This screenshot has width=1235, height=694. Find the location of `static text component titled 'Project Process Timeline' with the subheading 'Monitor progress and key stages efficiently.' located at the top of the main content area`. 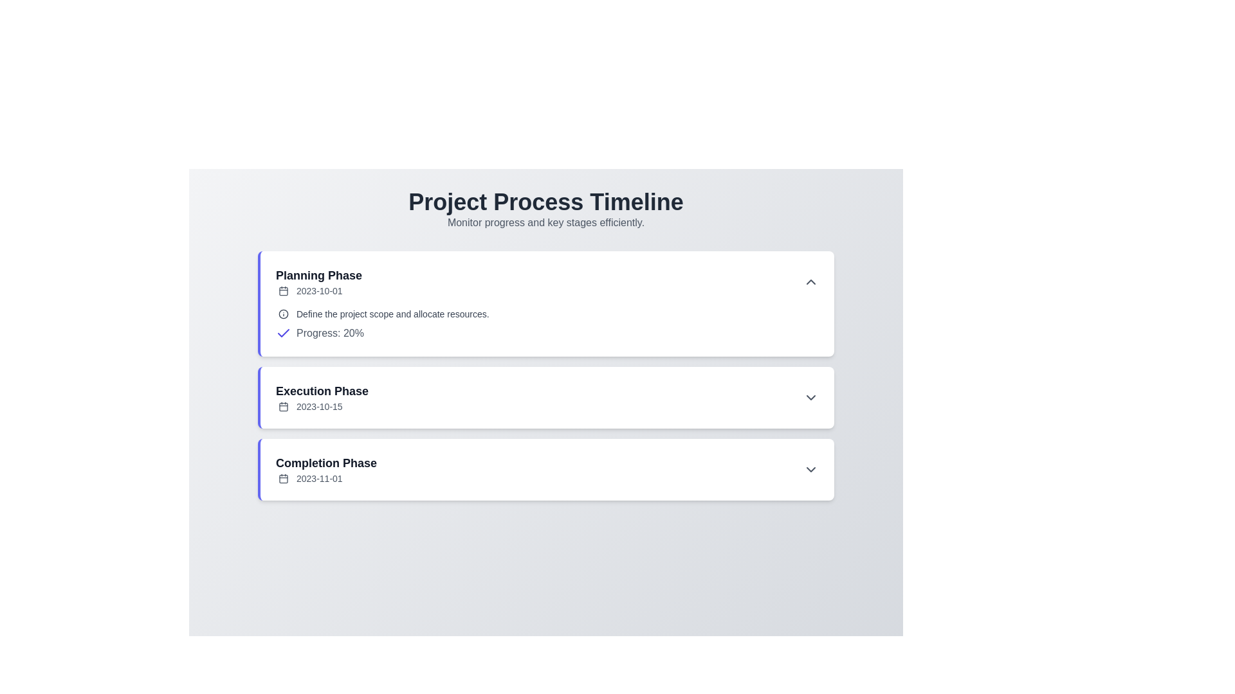

static text component titled 'Project Process Timeline' with the subheading 'Monitor progress and key stages efficiently.' located at the top of the main content area is located at coordinates (546, 209).